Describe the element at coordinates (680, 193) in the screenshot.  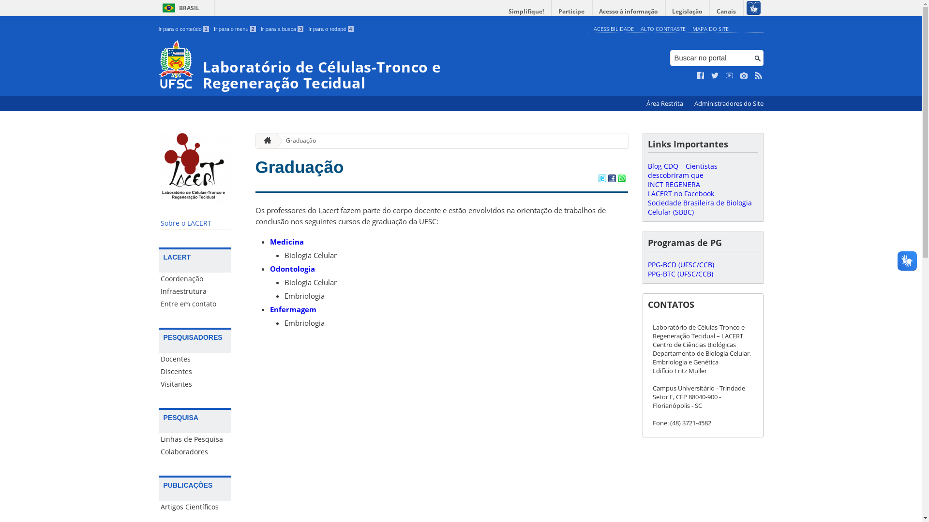
I see `'LACERT no Facebook'` at that location.